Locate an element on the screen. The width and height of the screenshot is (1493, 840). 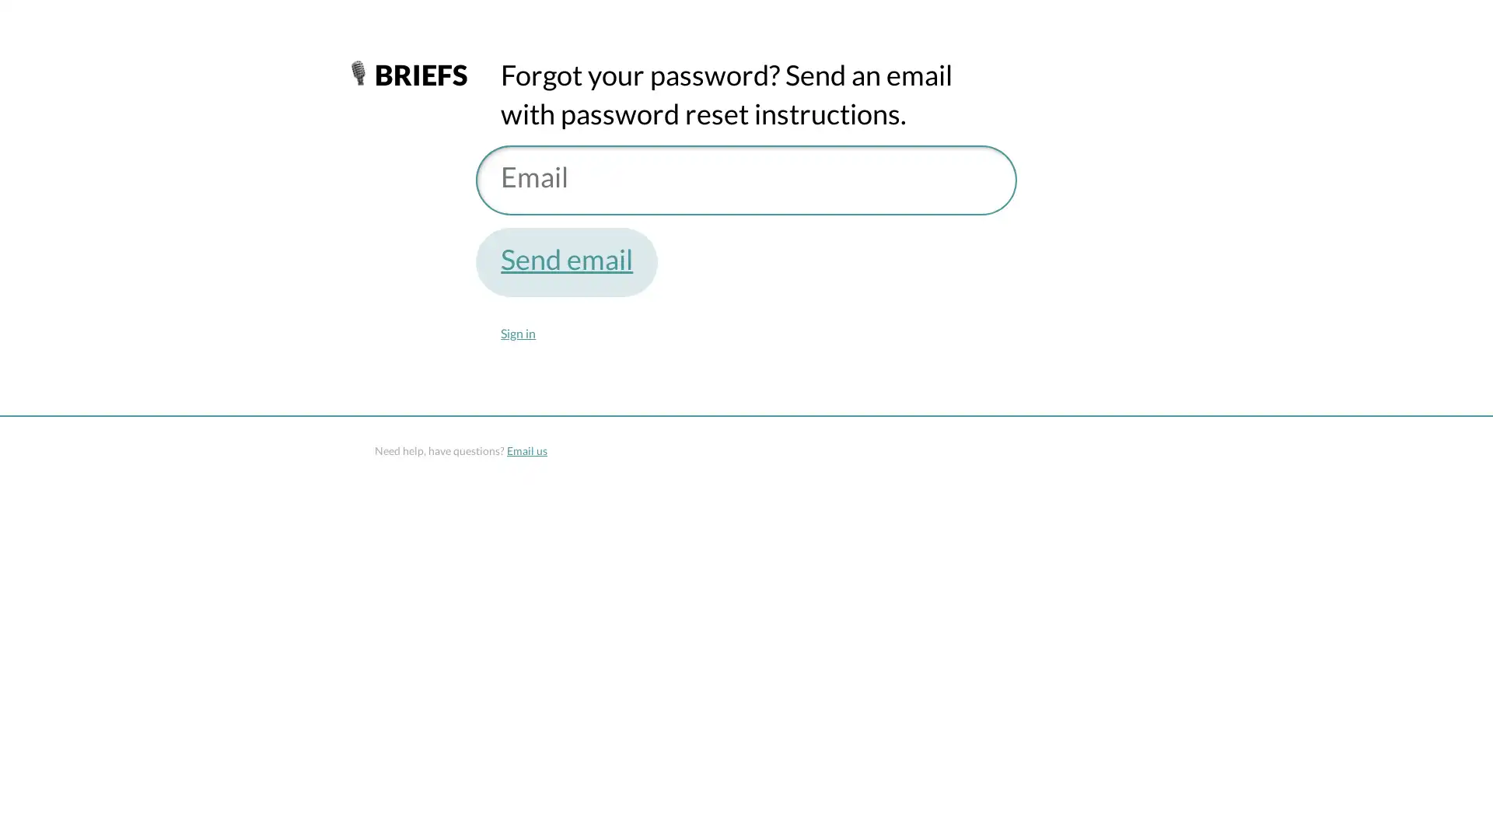
Send email is located at coordinates (566, 261).